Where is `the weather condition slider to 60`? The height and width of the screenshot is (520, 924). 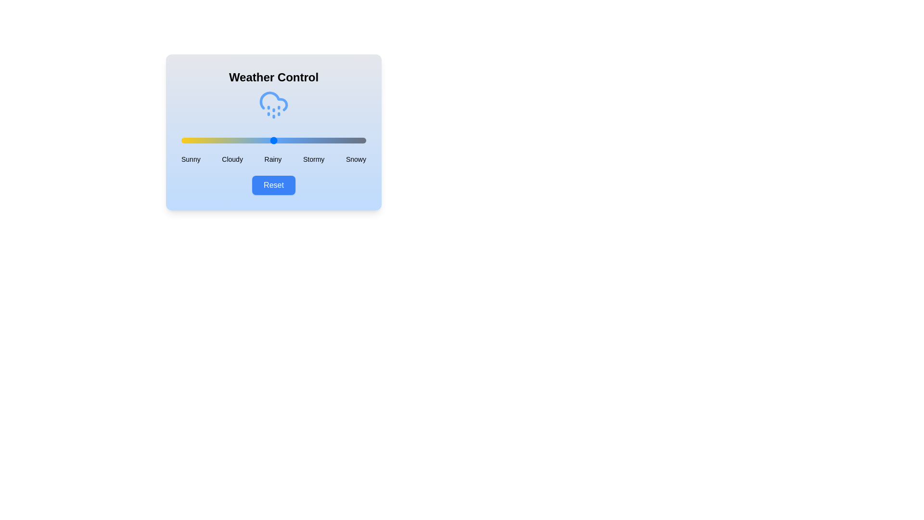
the weather condition slider to 60 is located at coordinates (292, 141).